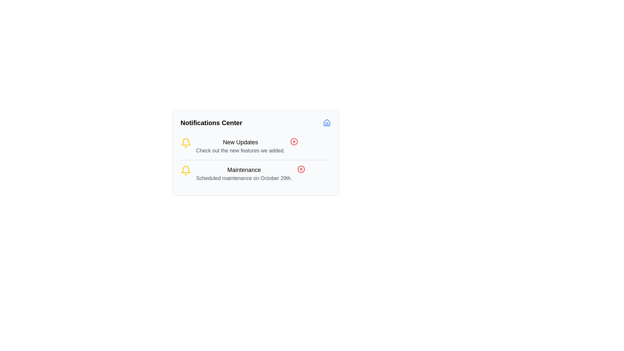 Image resolution: width=624 pixels, height=351 pixels. Describe the element at coordinates (240, 150) in the screenshot. I see `the explanatory text label located directly under the 'New Updates' header, which provides supplementary details about the notification` at that location.